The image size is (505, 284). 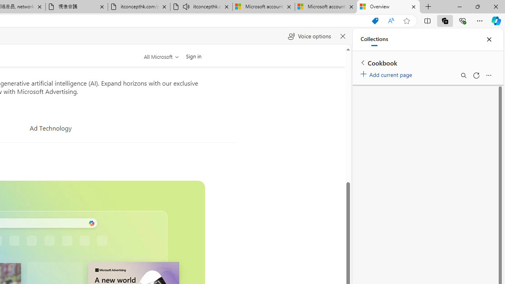 I want to click on 'Overview', so click(x=388, y=7).